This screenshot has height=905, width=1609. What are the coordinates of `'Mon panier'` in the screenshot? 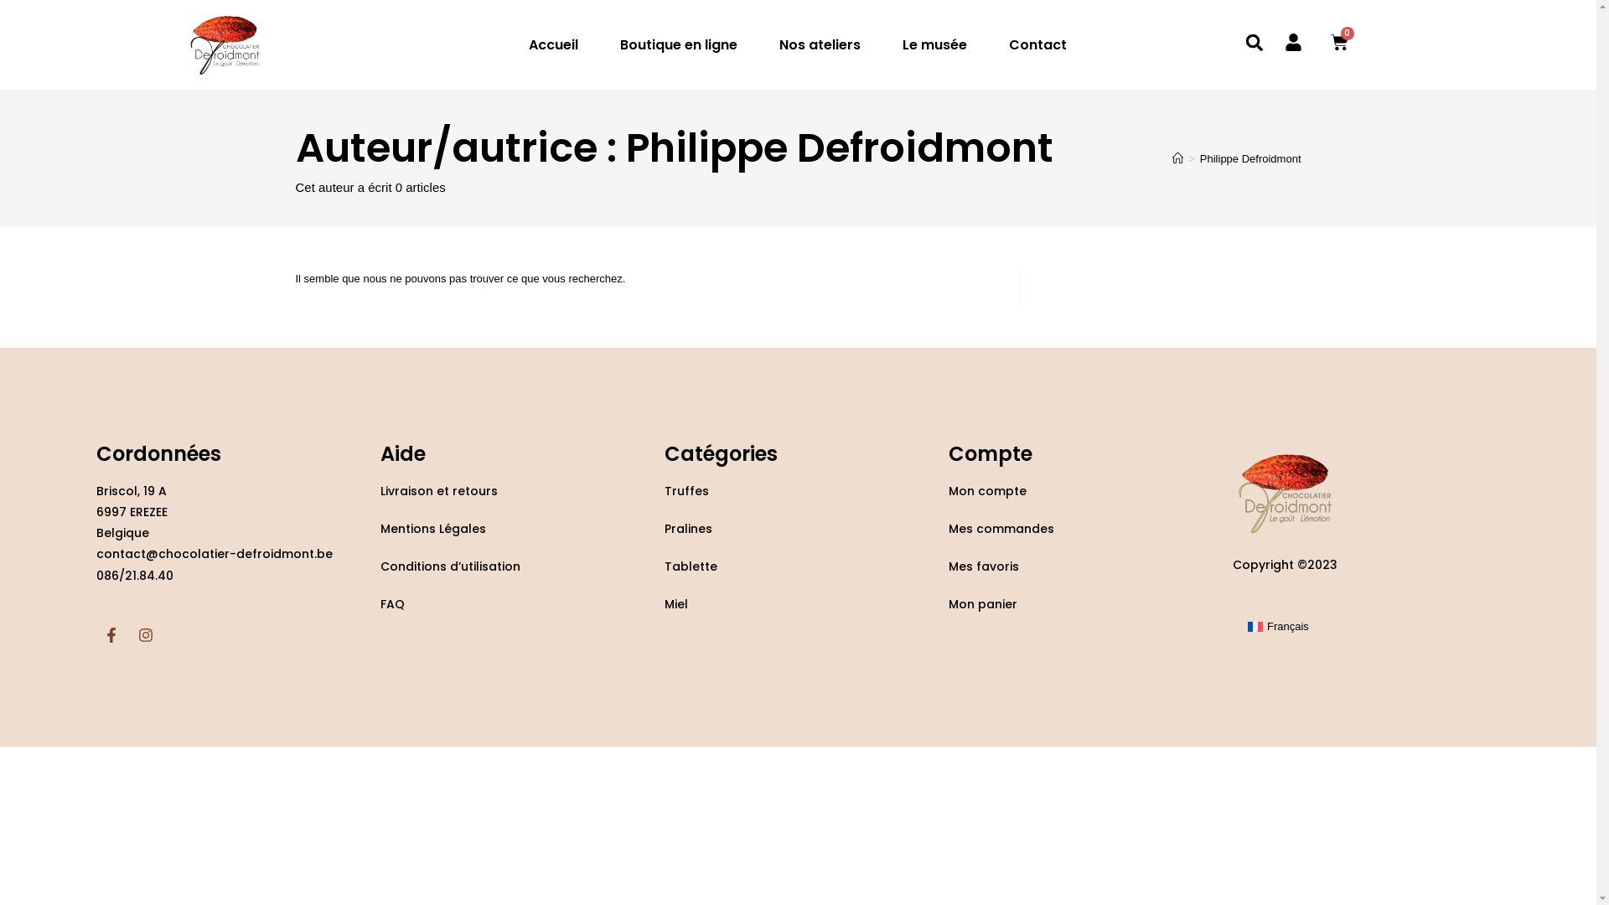 It's located at (982, 604).